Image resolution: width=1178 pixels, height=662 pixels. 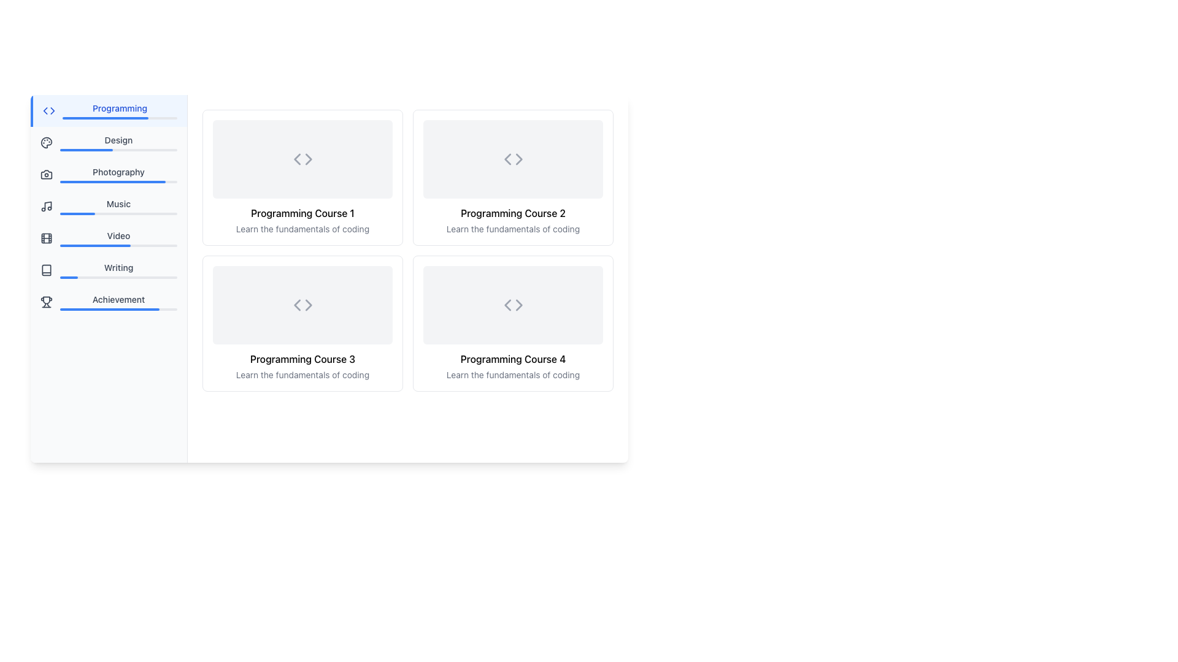 I want to click on the progress bar, so click(x=121, y=246).